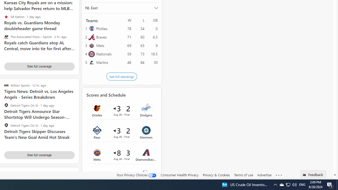 The image size is (338, 190). Describe the element at coordinates (121, 154) in the screenshot. I see `'Mets 8 vs Diamondbacks 3Final Date Aug 28'` at that location.